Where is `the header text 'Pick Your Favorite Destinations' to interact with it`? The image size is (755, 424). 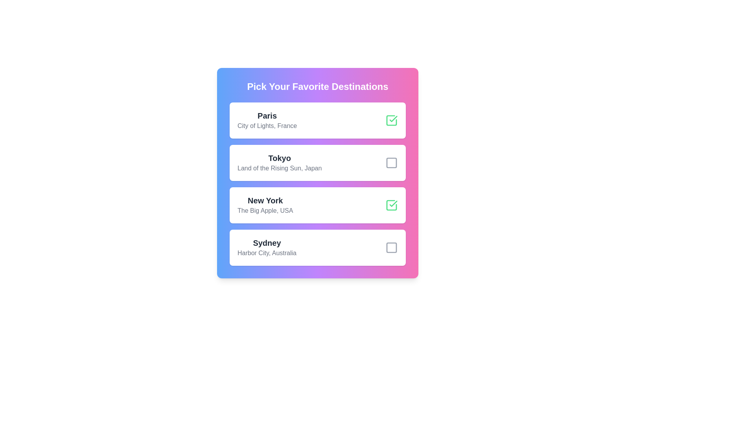 the header text 'Pick Your Favorite Destinations' to interact with it is located at coordinates (317, 86).